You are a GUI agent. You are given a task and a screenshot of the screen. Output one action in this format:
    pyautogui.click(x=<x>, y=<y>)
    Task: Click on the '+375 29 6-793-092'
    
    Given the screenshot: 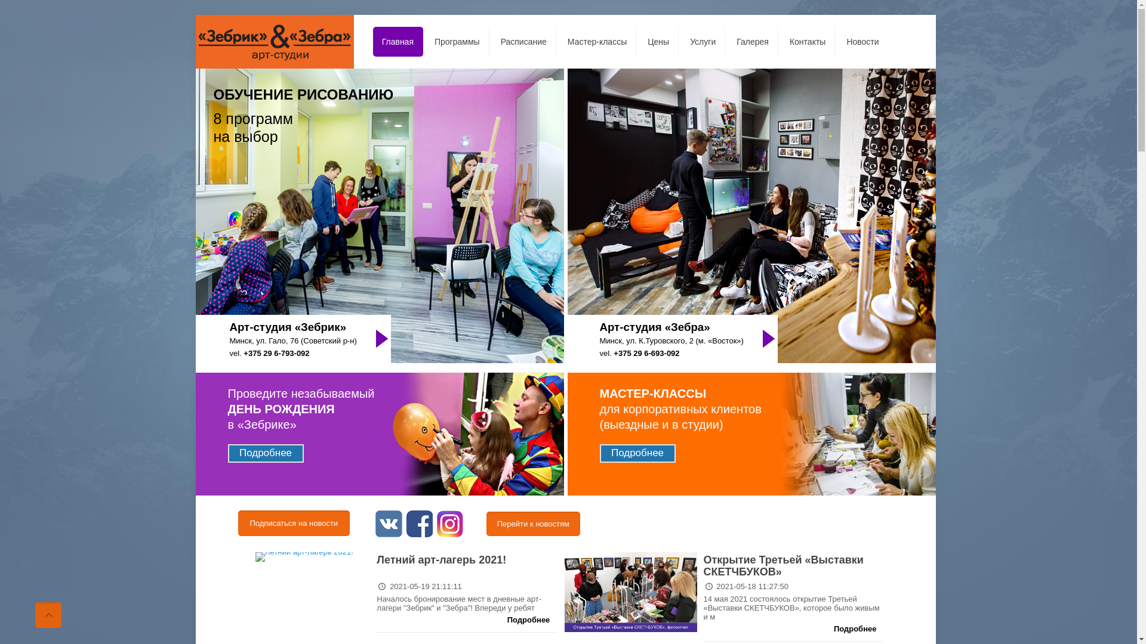 What is the action you would take?
    pyautogui.click(x=243, y=352)
    